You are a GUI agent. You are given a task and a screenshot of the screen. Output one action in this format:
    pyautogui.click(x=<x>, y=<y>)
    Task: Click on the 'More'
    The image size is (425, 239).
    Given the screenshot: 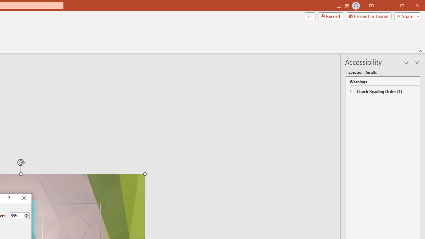 What is the action you would take?
    pyautogui.click(x=26, y=214)
    